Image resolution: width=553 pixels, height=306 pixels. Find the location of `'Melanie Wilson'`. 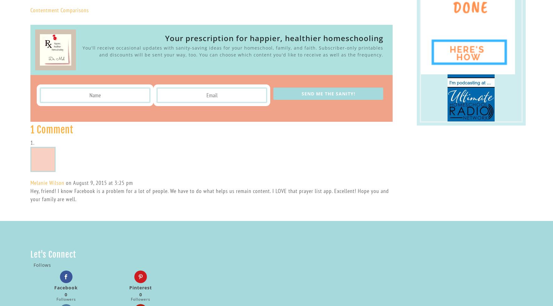

'Melanie Wilson' is located at coordinates (47, 182).